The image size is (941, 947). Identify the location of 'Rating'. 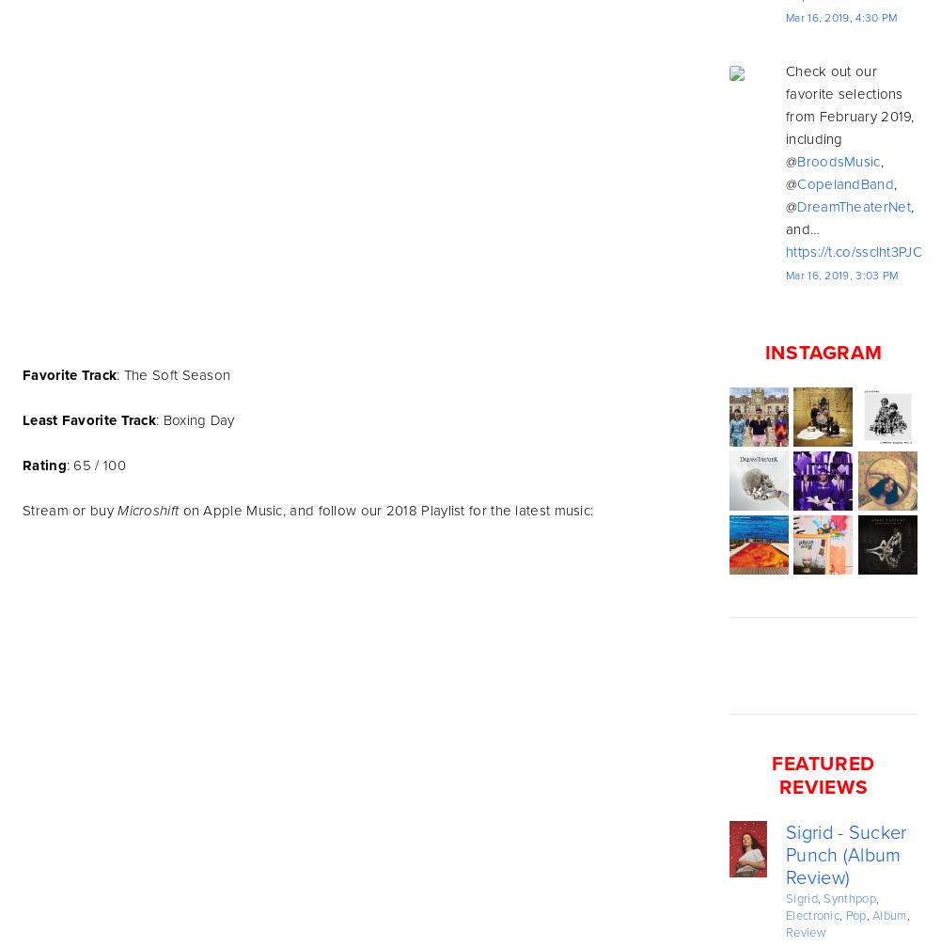
(23, 466).